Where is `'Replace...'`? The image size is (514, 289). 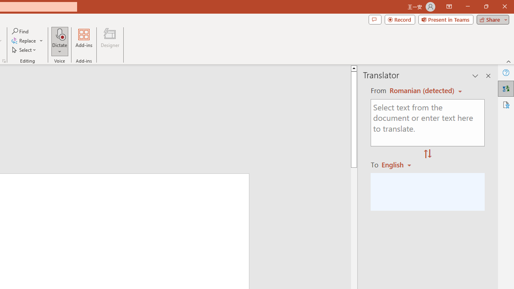
'Replace...' is located at coordinates (24, 41).